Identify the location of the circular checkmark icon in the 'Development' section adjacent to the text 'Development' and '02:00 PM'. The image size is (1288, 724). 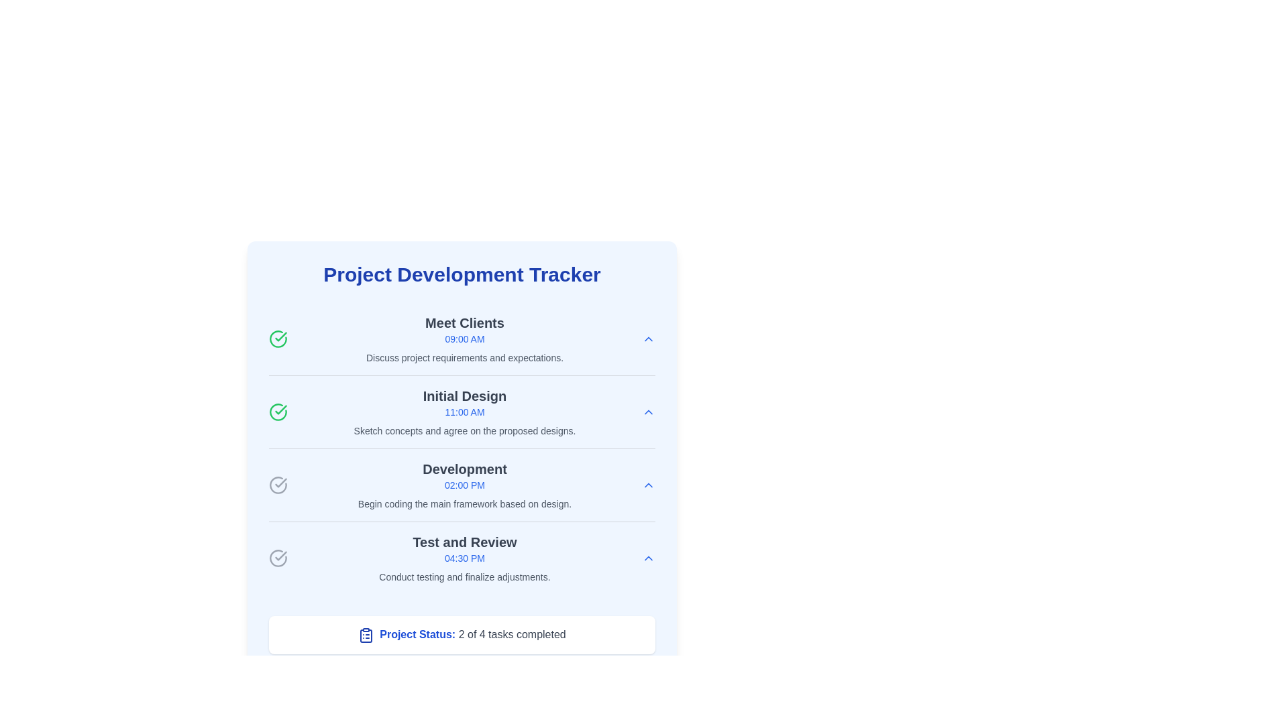
(277, 485).